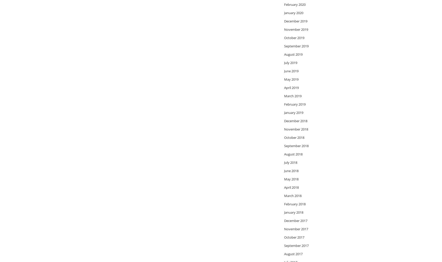 Image resolution: width=442 pixels, height=262 pixels. I want to click on 'April 2018', so click(291, 187).